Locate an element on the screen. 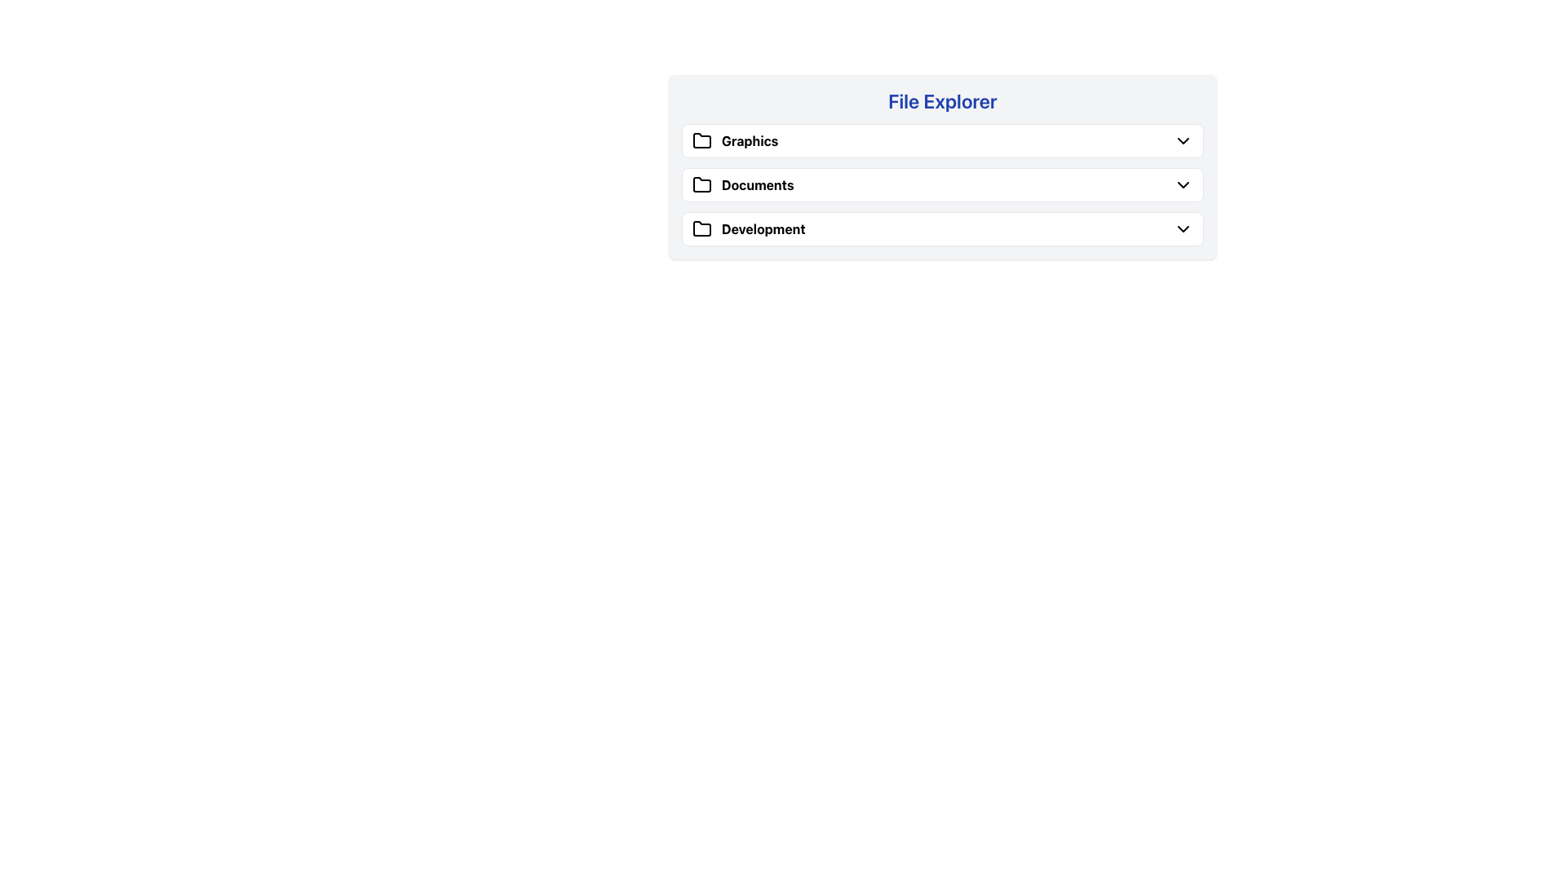 This screenshot has height=881, width=1566. the chevron icon at the far right of the 'Documents' row in the file explorer is located at coordinates (1183, 184).